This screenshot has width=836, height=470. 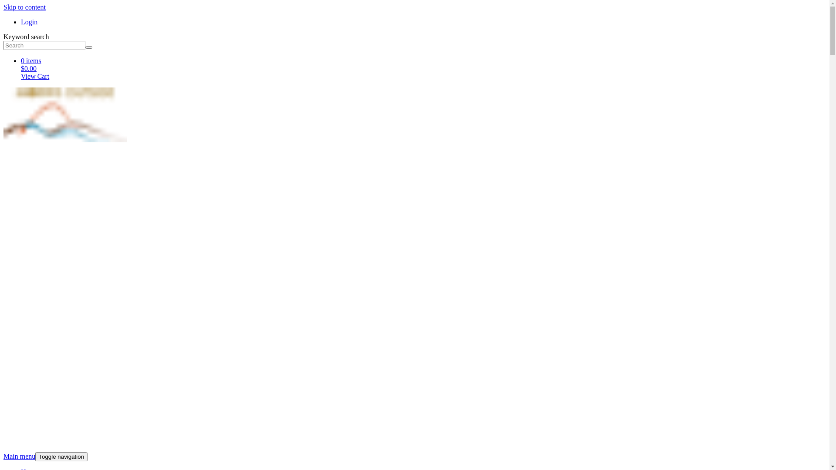 I want to click on '0 items, so click(x=21, y=68).